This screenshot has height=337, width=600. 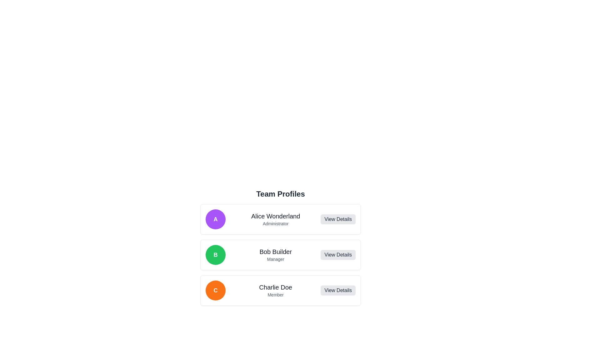 I want to click on the Text Display element that shows the name 'Bob Builder', located in the upper section of the card above the 'Manager' text, so click(x=275, y=251).